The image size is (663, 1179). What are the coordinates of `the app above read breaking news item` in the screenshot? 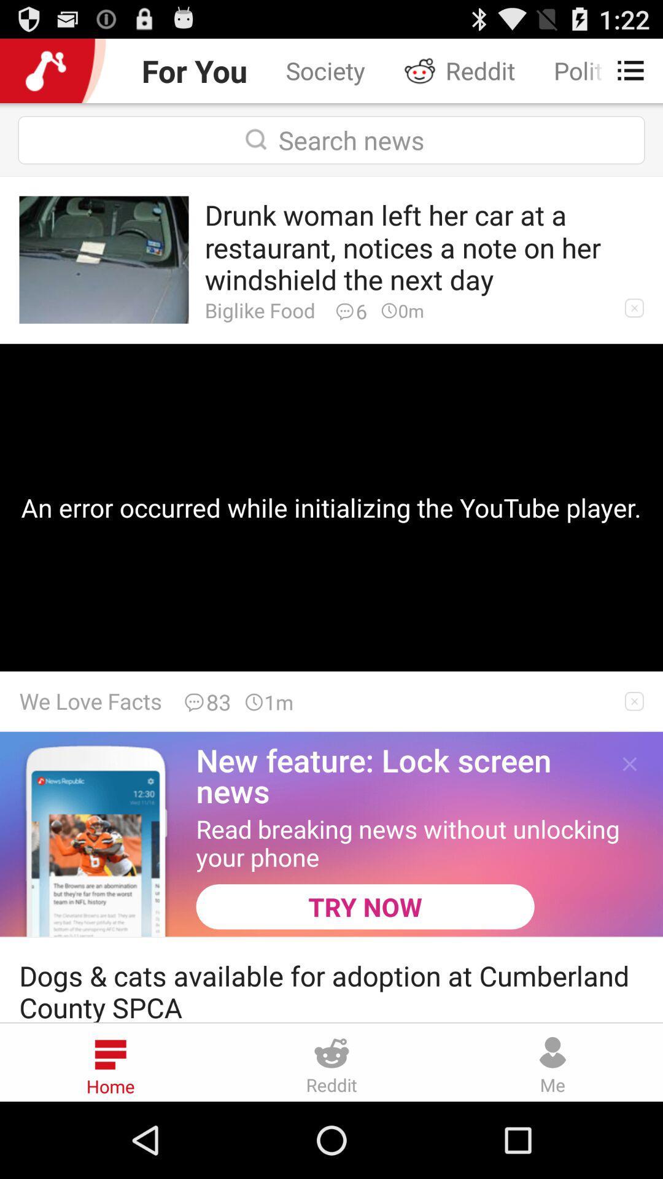 It's located at (630, 763).